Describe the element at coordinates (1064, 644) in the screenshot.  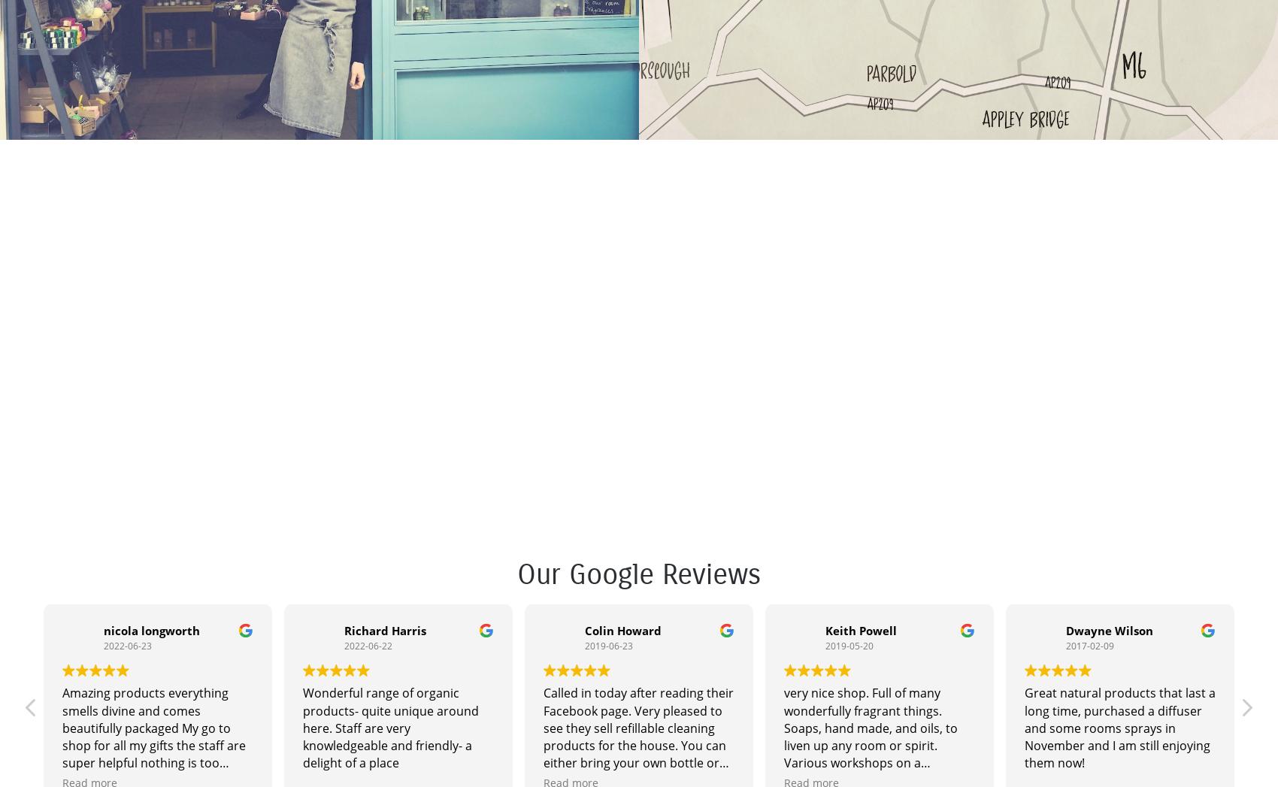
I see `'2017-02-09'` at that location.